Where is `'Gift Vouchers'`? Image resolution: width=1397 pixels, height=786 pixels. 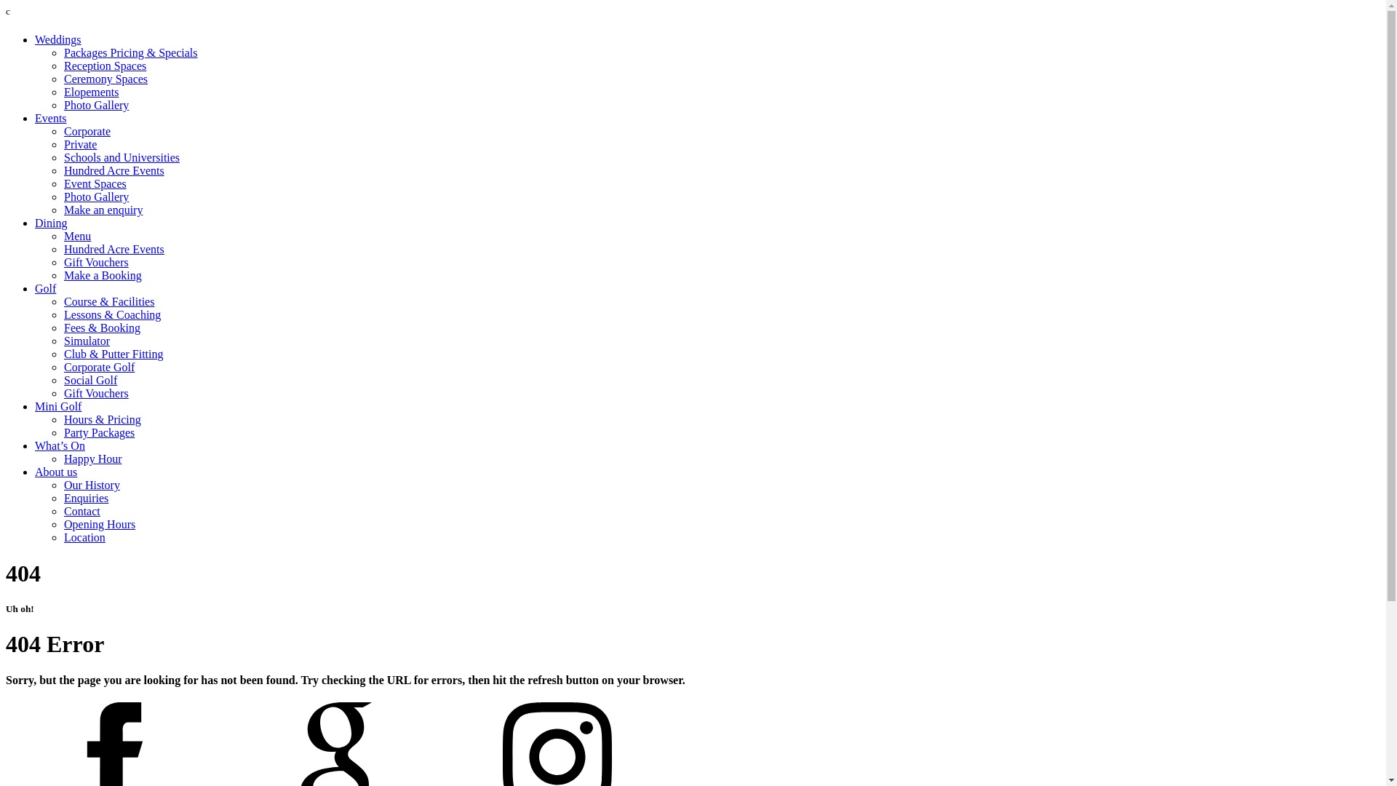 'Gift Vouchers' is located at coordinates (95, 393).